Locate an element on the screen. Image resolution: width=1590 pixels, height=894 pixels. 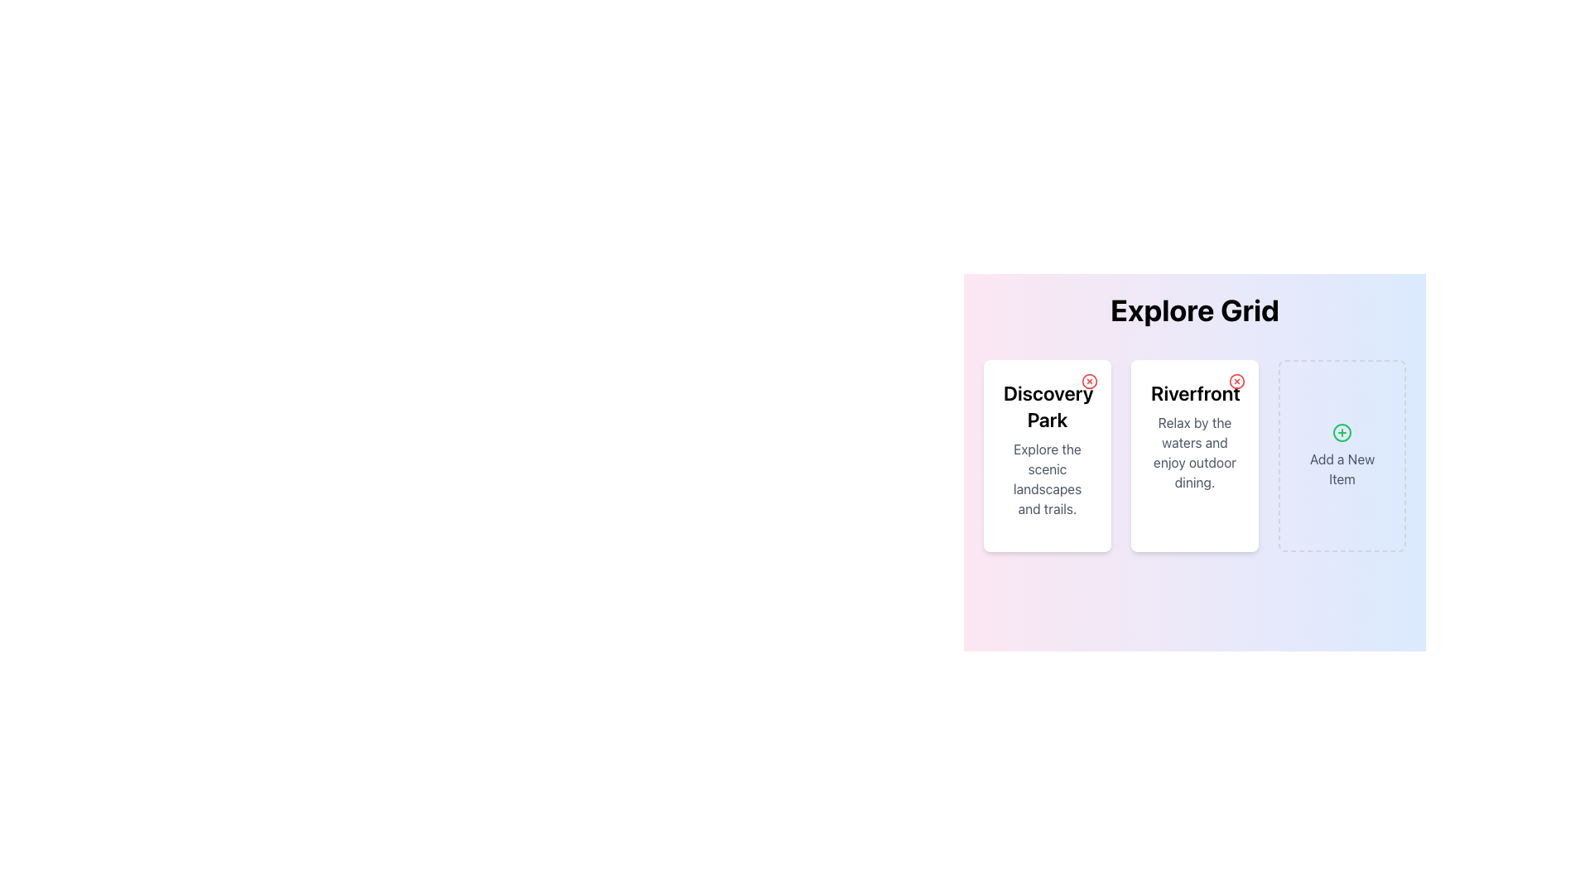
the 'Riverfront' card element which is the second column in the grid layout, featuring a bold title and descriptive text, enclosed in a white rounded rectangular card is located at coordinates (1195, 456).